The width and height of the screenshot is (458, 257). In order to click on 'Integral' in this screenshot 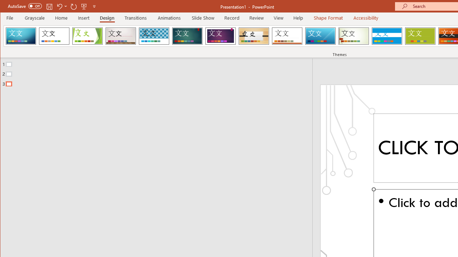, I will do `click(154, 36)`.